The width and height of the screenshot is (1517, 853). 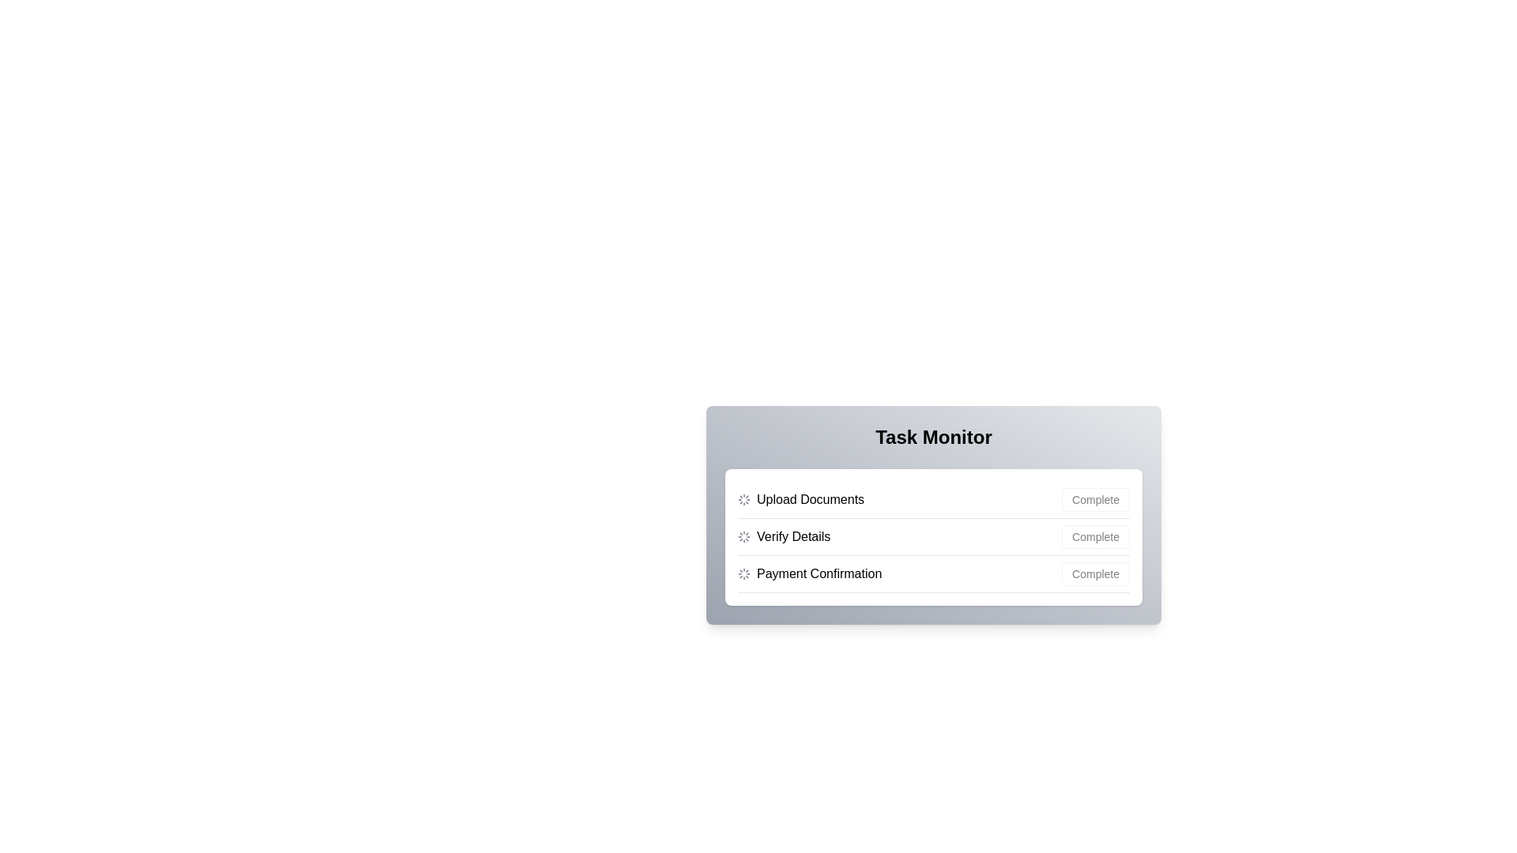 What do you see at coordinates (784, 535) in the screenshot?
I see `the spinner icon located in the 'Verify Details' list item in the 'Task Monitor' interface, which is positioned under 'Upload Documents' and above 'Payment Confirmation'` at bounding box center [784, 535].